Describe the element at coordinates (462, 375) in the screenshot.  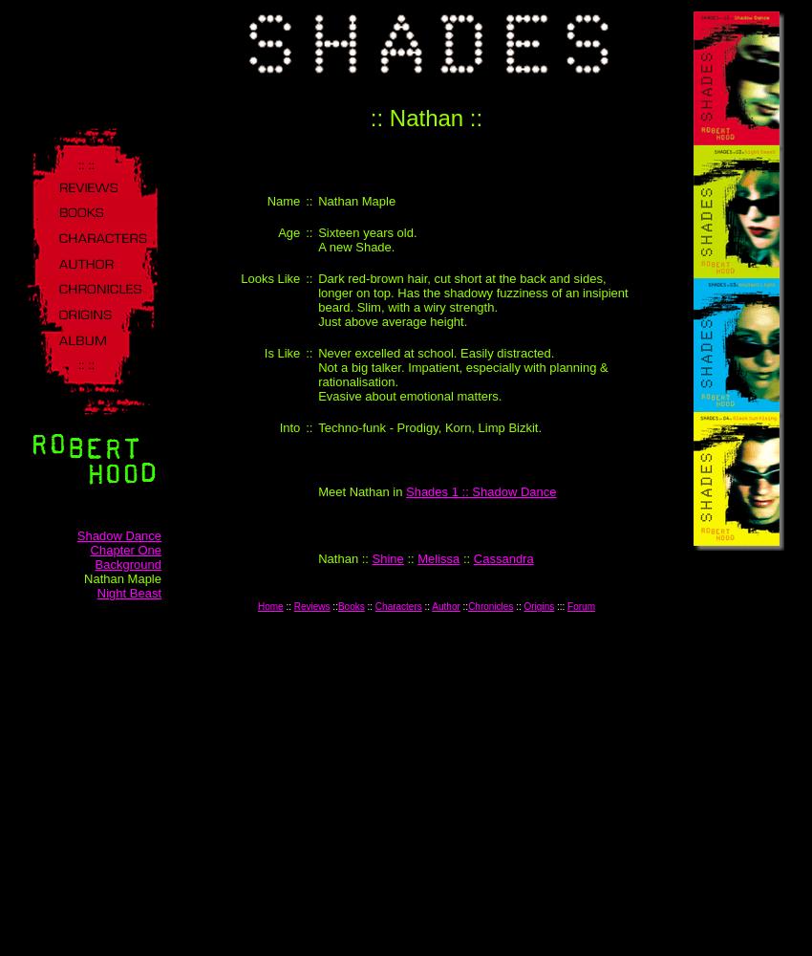
I see `'Not 
                      a big talker. Impatient, especially with planning & rationalisation.'` at that location.